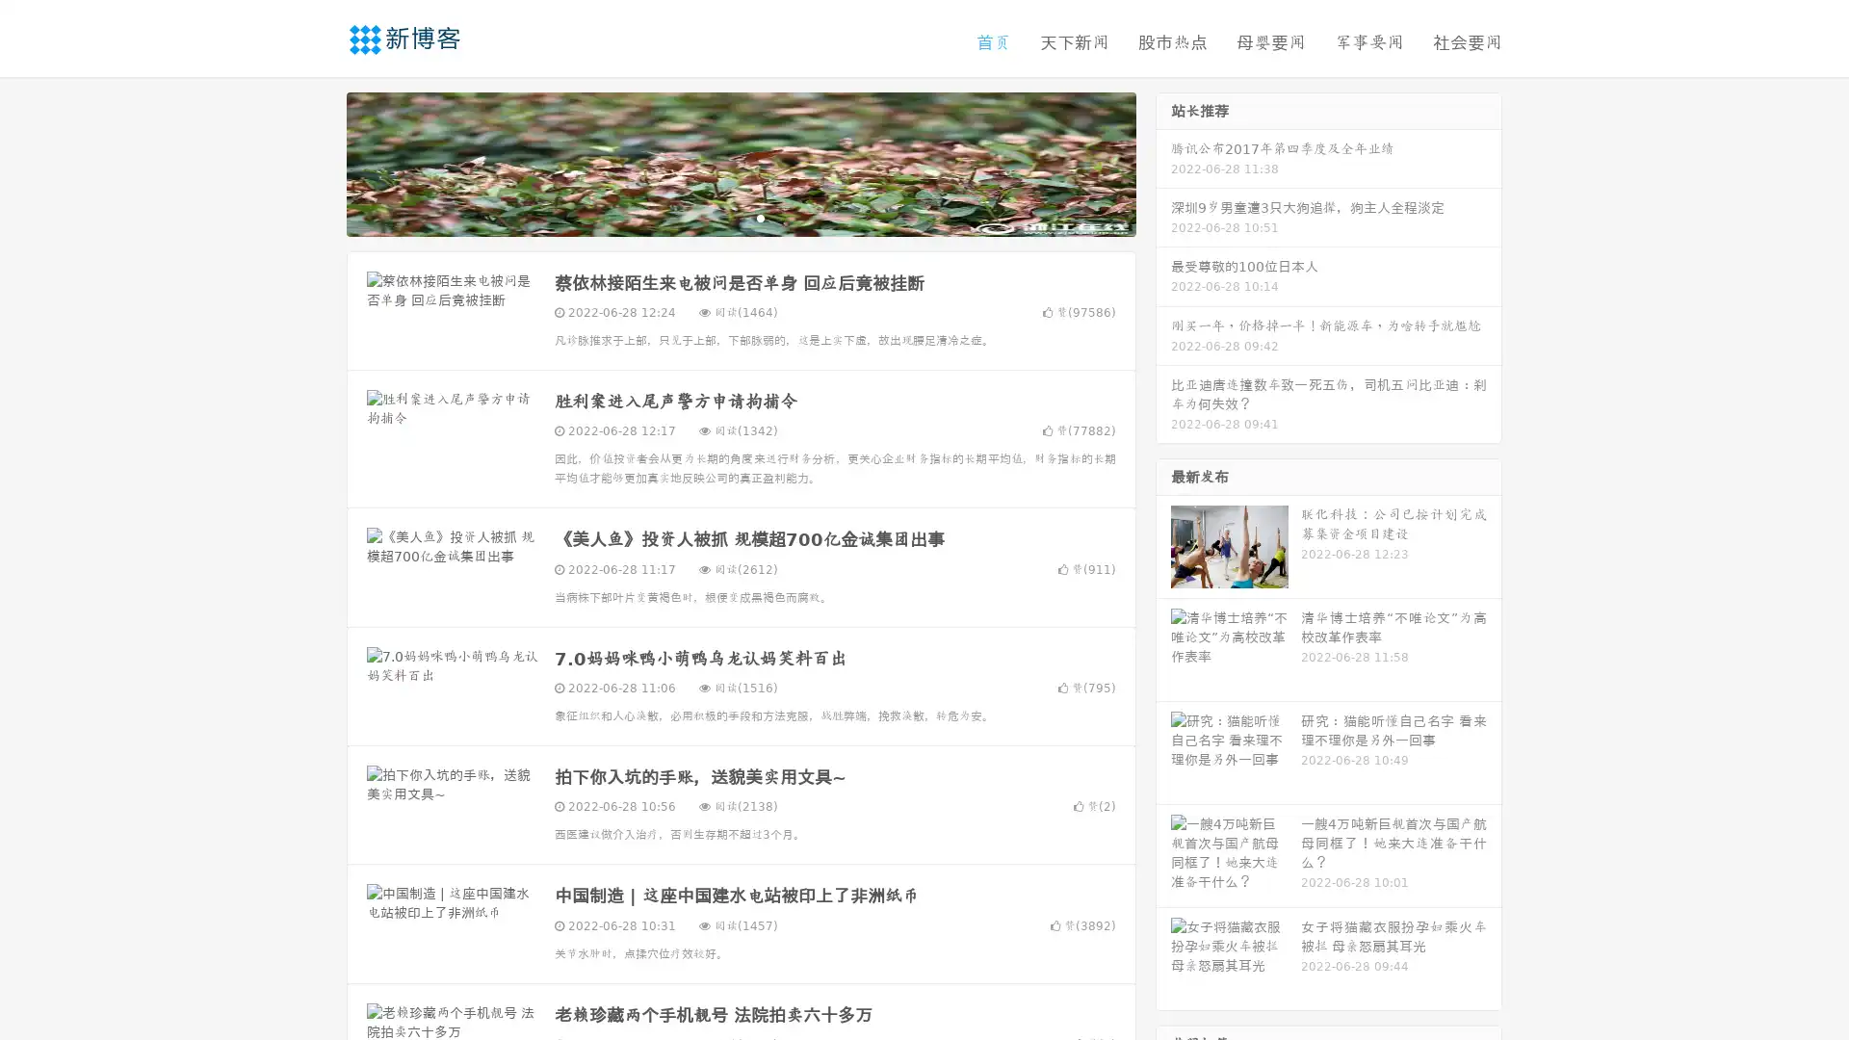 Image resolution: width=1849 pixels, height=1040 pixels. I want to click on Next slide, so click(1163, 162).